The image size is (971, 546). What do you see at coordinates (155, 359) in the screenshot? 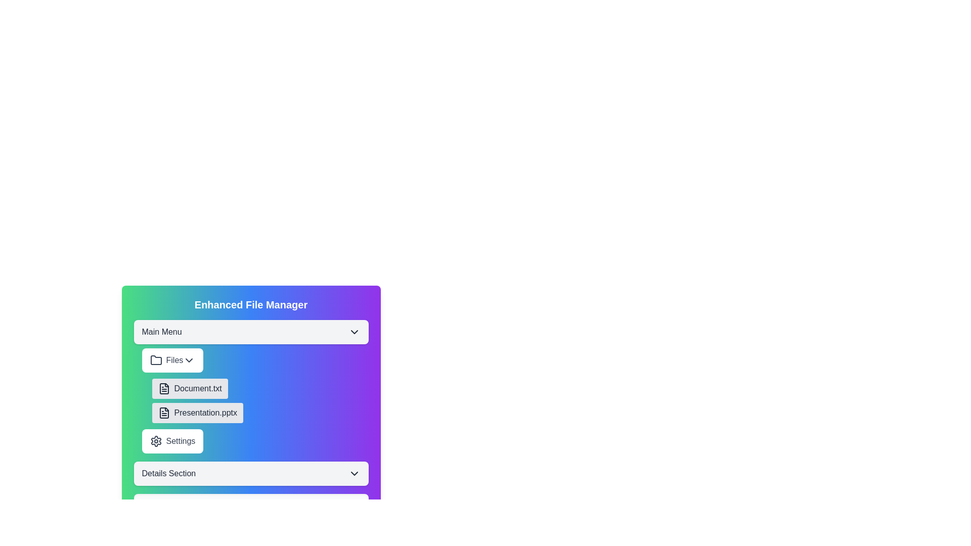
I see `the file management icon located at the top of the documents and settings list, adjacent to the 'Files' dropdown menu` at bounding box center [155, 359].